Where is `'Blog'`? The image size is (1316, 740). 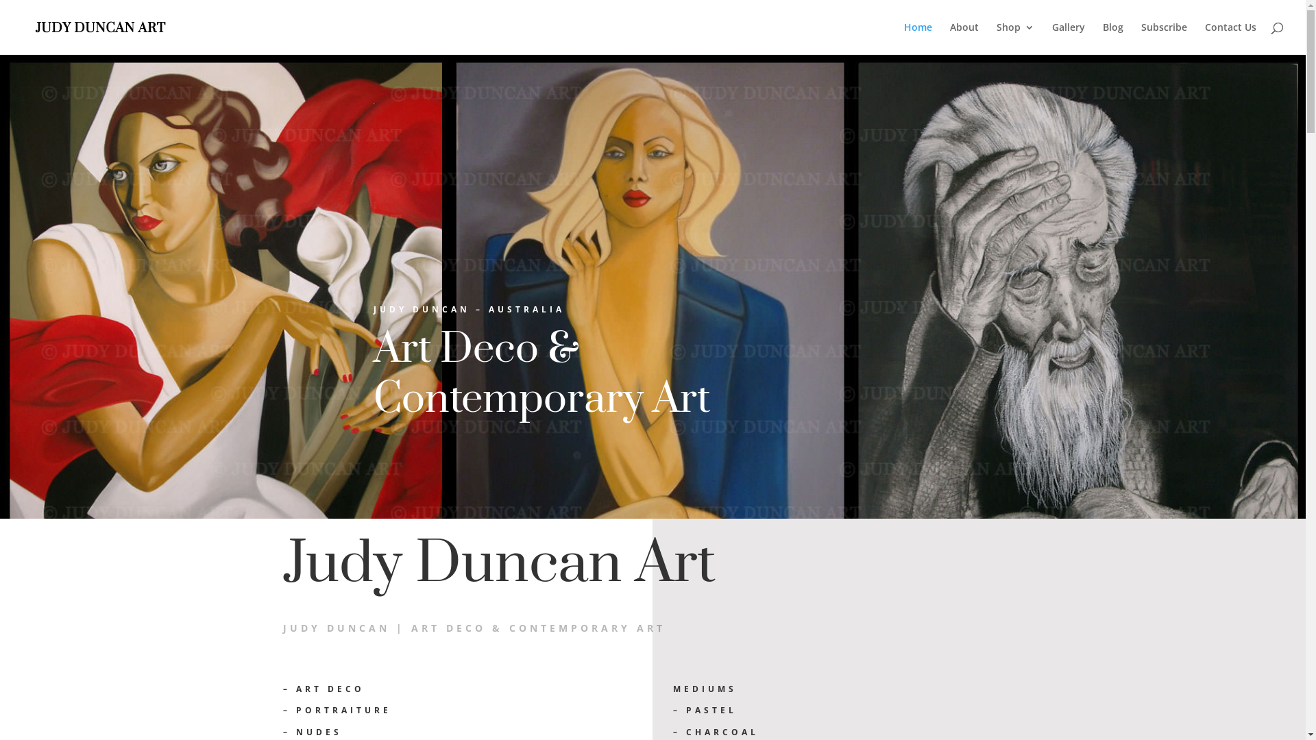
'Blog' is located at coordinates (1112, 38).